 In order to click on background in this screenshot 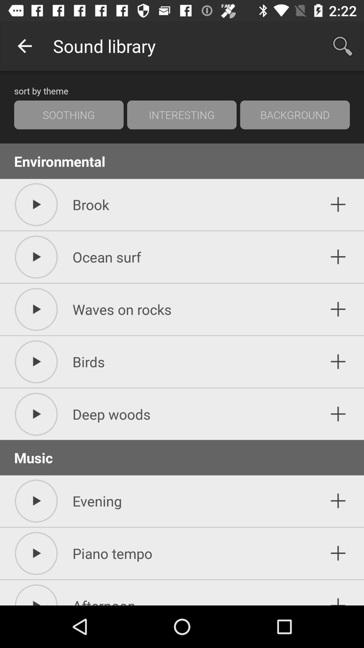, I will do `click(295, 115)`.